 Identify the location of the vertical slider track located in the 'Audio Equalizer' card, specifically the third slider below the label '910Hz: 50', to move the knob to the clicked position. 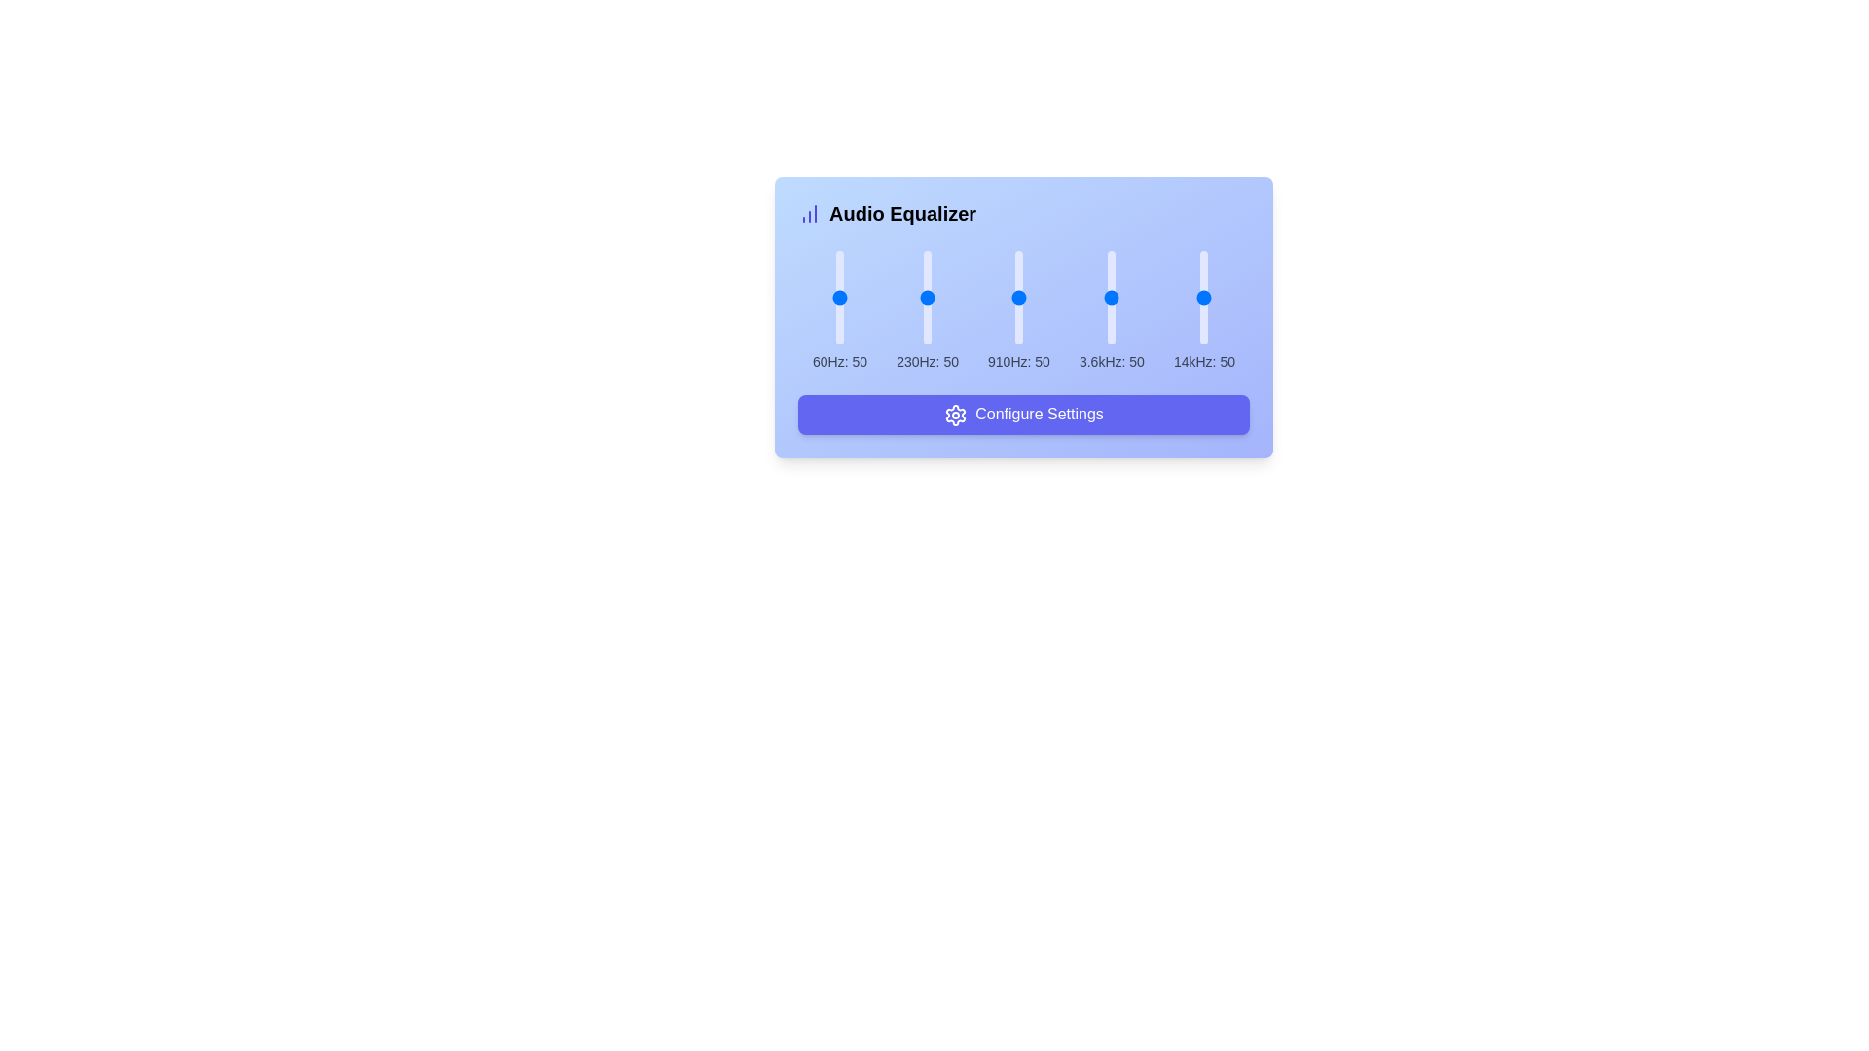
(1017, 297).